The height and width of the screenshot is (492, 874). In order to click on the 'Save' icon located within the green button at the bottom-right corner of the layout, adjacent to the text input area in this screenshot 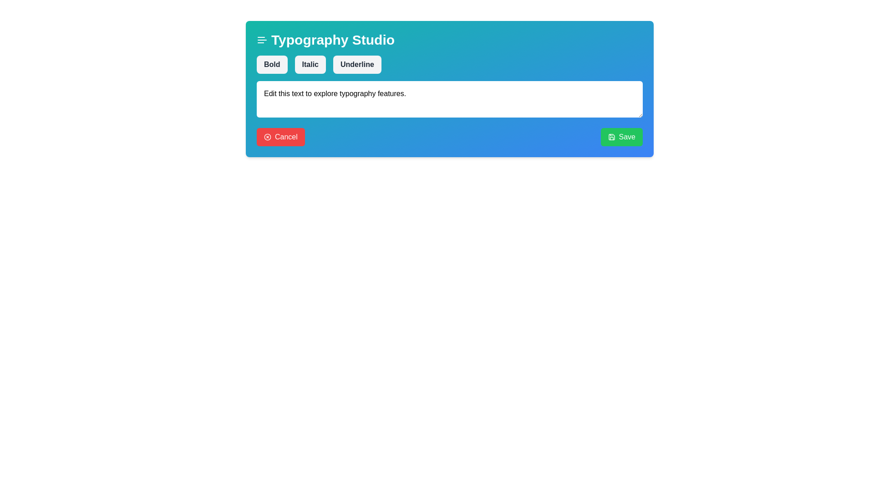, I will do `click(611, 137)`.